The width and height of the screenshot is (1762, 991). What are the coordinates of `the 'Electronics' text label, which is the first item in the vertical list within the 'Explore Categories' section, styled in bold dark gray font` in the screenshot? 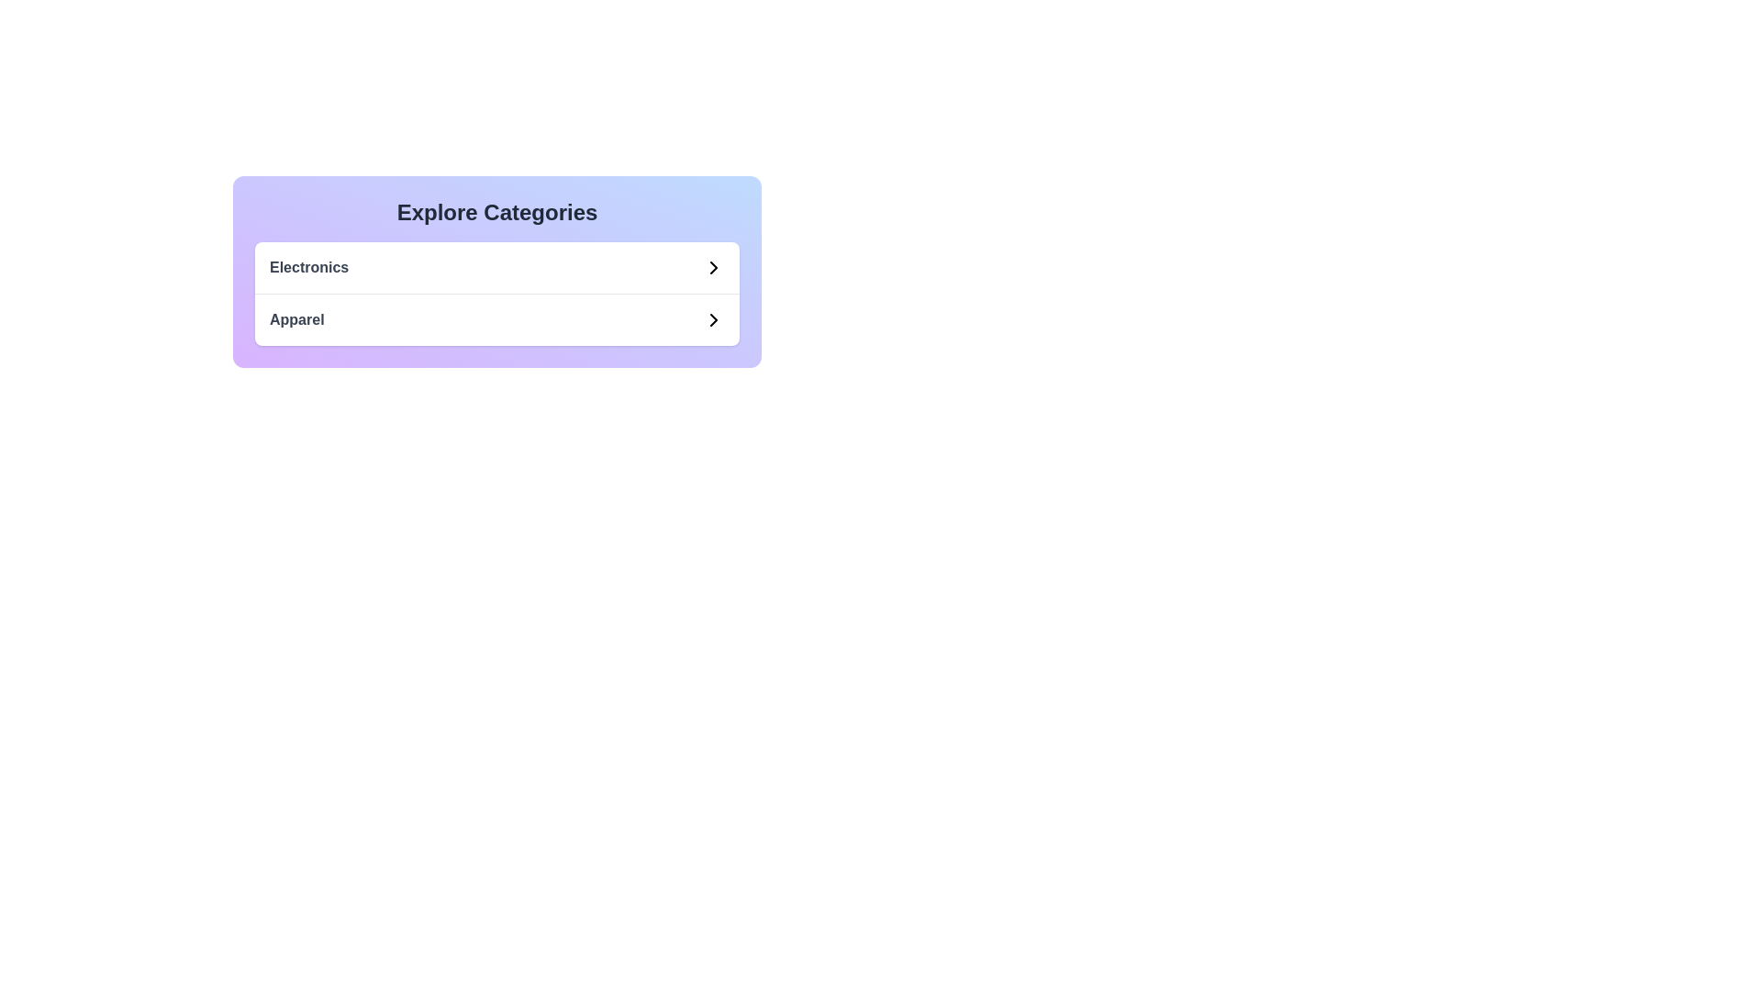 It's located at (309, 268).